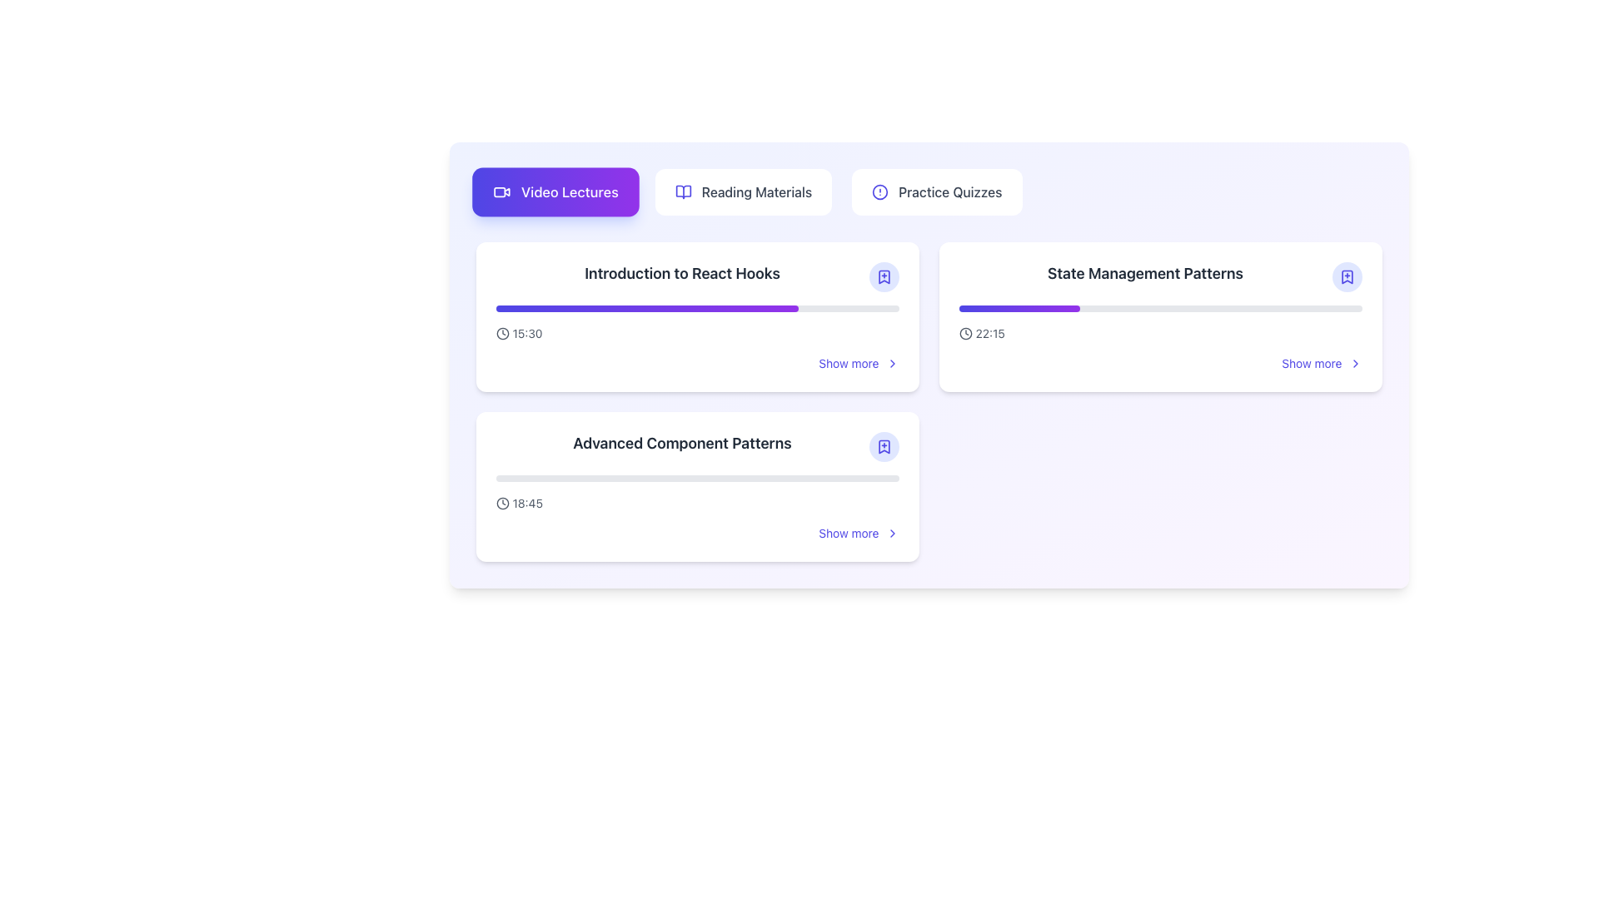  What do you see at coordinates (683, 191) in the screenshot?
I see `the 'Reading Materials' icon located in the center of the interface toolbar, which represents a section of study content or resources` at bounding box center [683, 191].